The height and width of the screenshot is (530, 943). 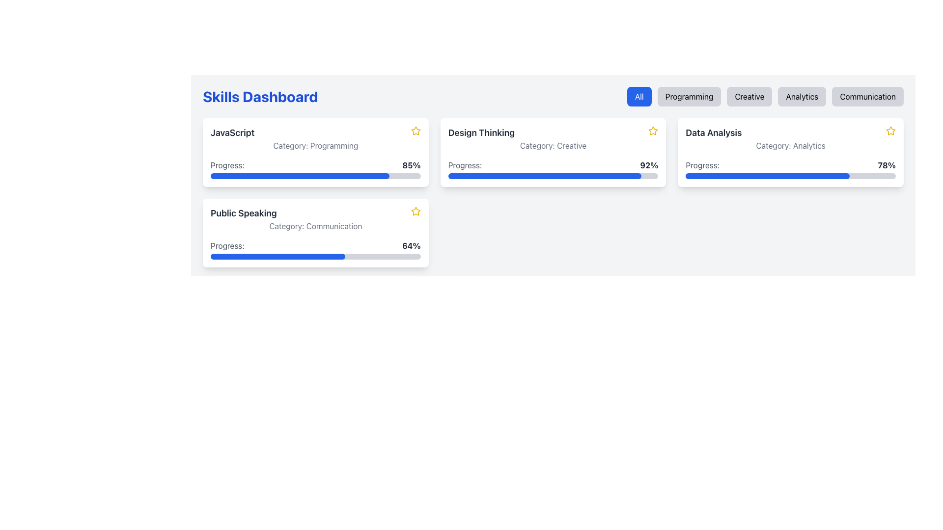 What do you see at coordinates (553, 175) in the screenshot?
I see `the rectangular progress bar with rounded edges that is filled to 92%, located in the 'Design Thinking' card of the 'Skills Dashboard'` at bounding box center [553, 175].